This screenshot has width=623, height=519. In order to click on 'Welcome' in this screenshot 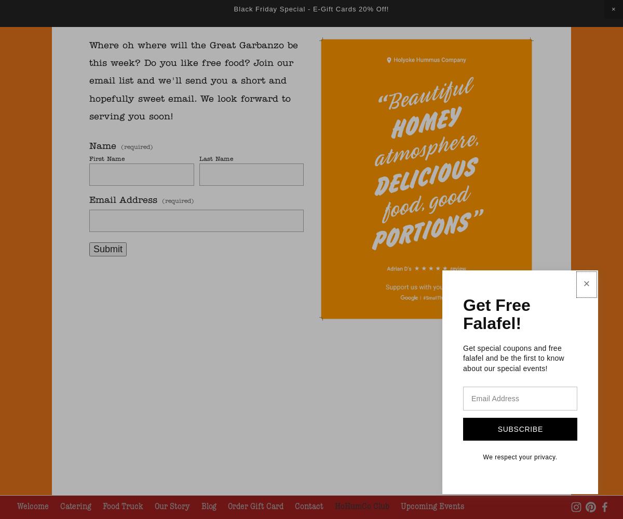, I will do `click(33, 506)`.